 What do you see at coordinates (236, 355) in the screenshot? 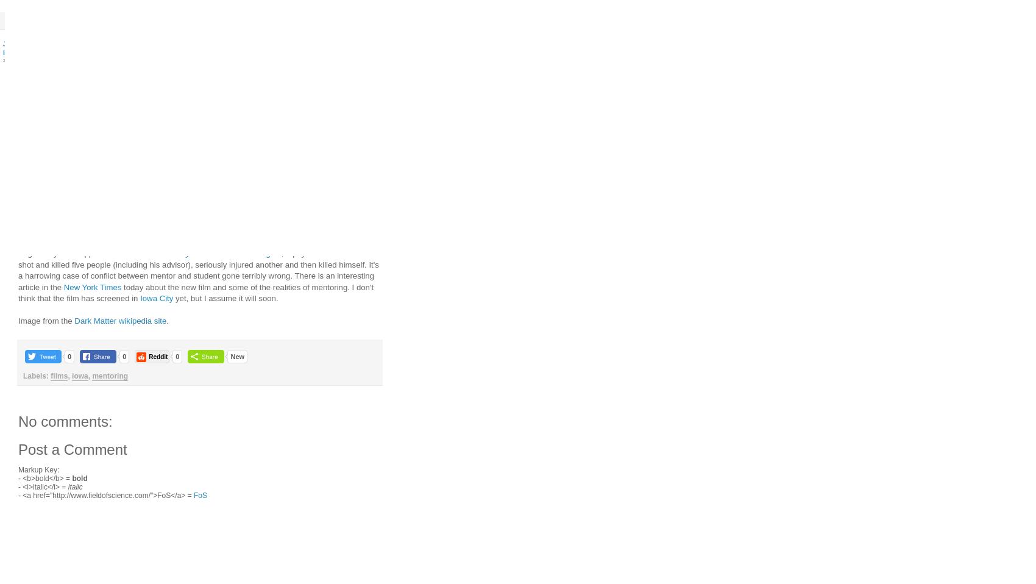
I see `'New'` at bounding box center [236, 355].